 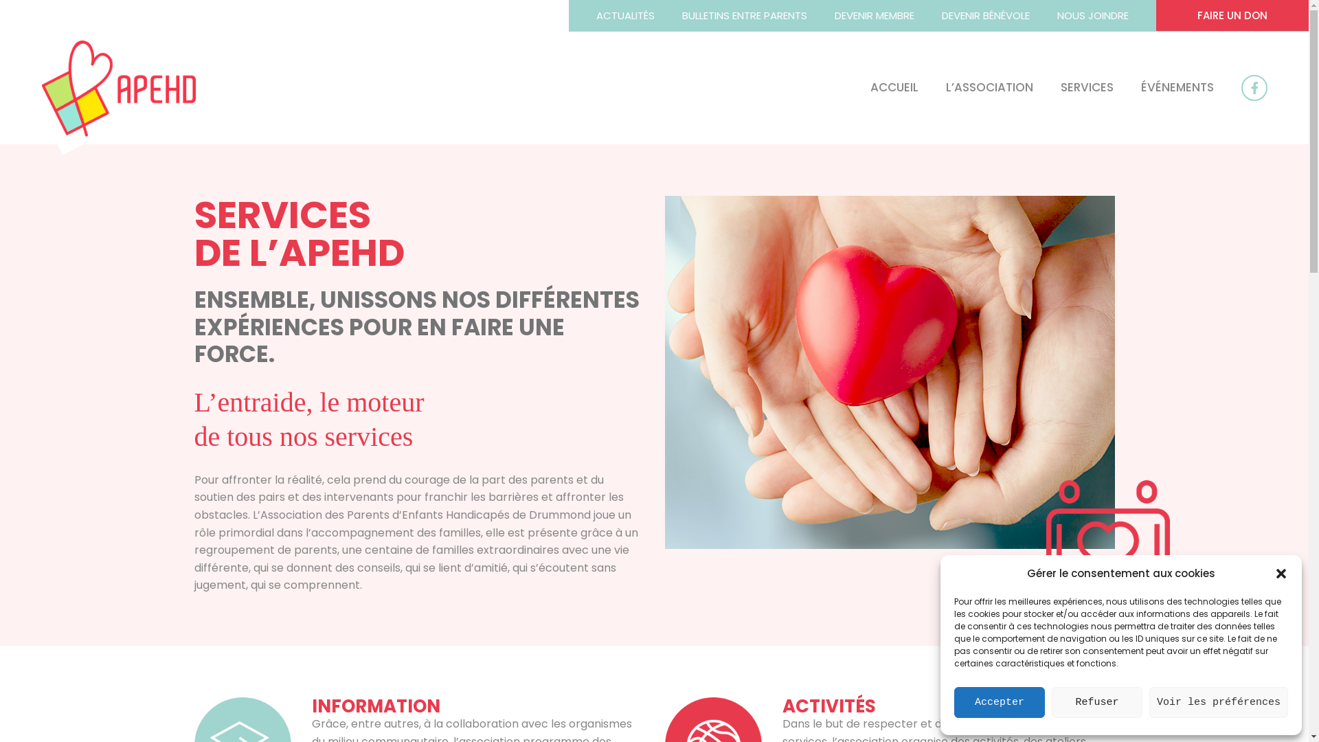 I want to click on 'DEVENIR MEMBRE', so click(x=873, y=15).